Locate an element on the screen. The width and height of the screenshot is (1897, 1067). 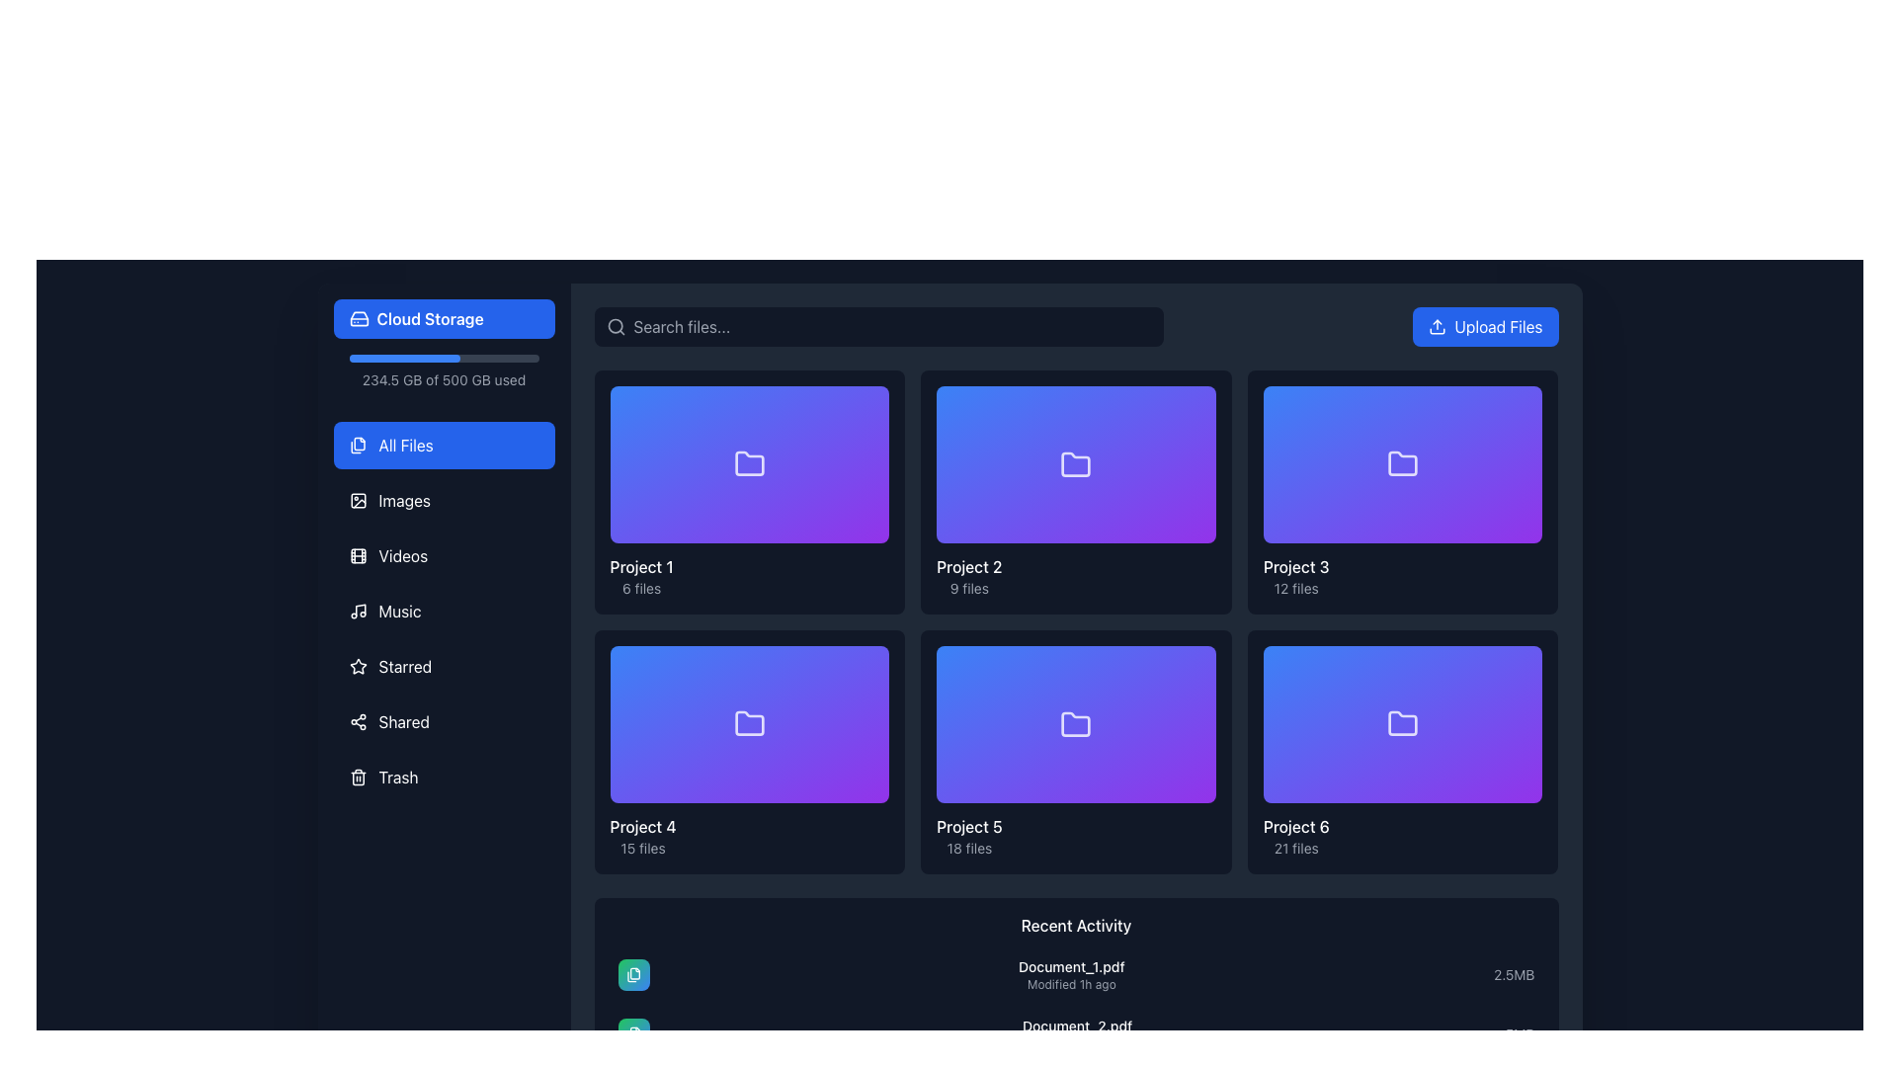
the folder icon, which is a minimalistic representation of a folder, from its position in the 'Project 2' card is located at coordinates (1075, 463).